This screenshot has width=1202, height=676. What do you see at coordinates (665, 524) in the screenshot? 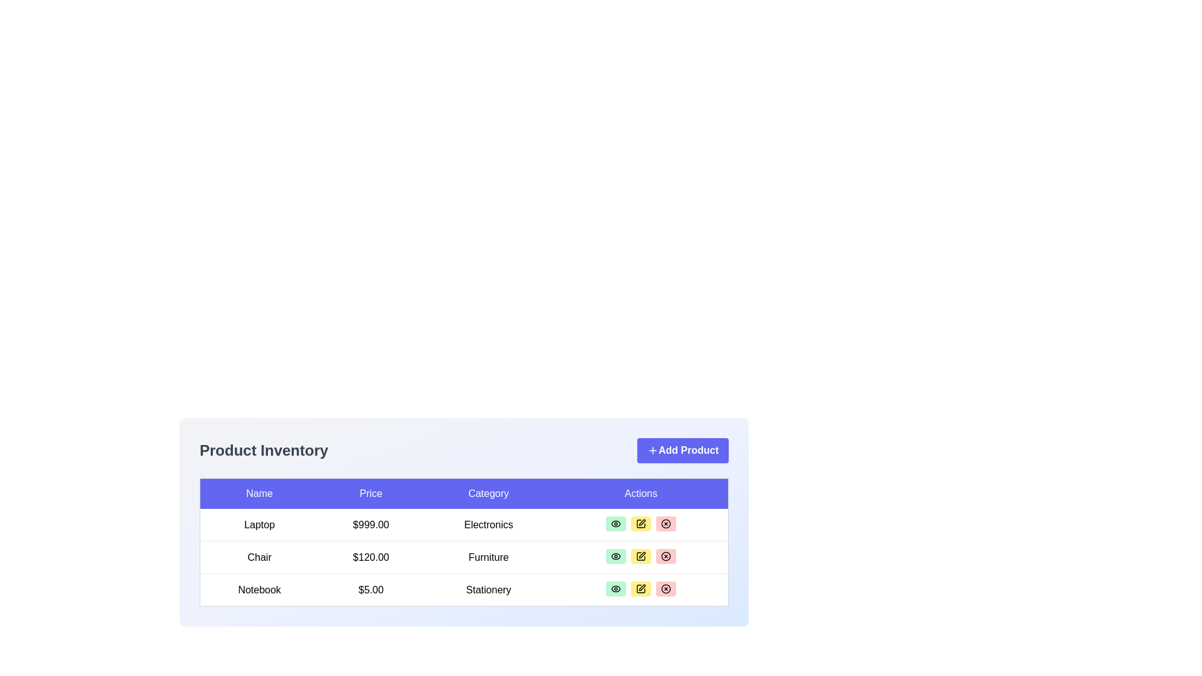
I see `the delete button in the 'Actions' column of the first row in the table` at bounding box center [665, 524].